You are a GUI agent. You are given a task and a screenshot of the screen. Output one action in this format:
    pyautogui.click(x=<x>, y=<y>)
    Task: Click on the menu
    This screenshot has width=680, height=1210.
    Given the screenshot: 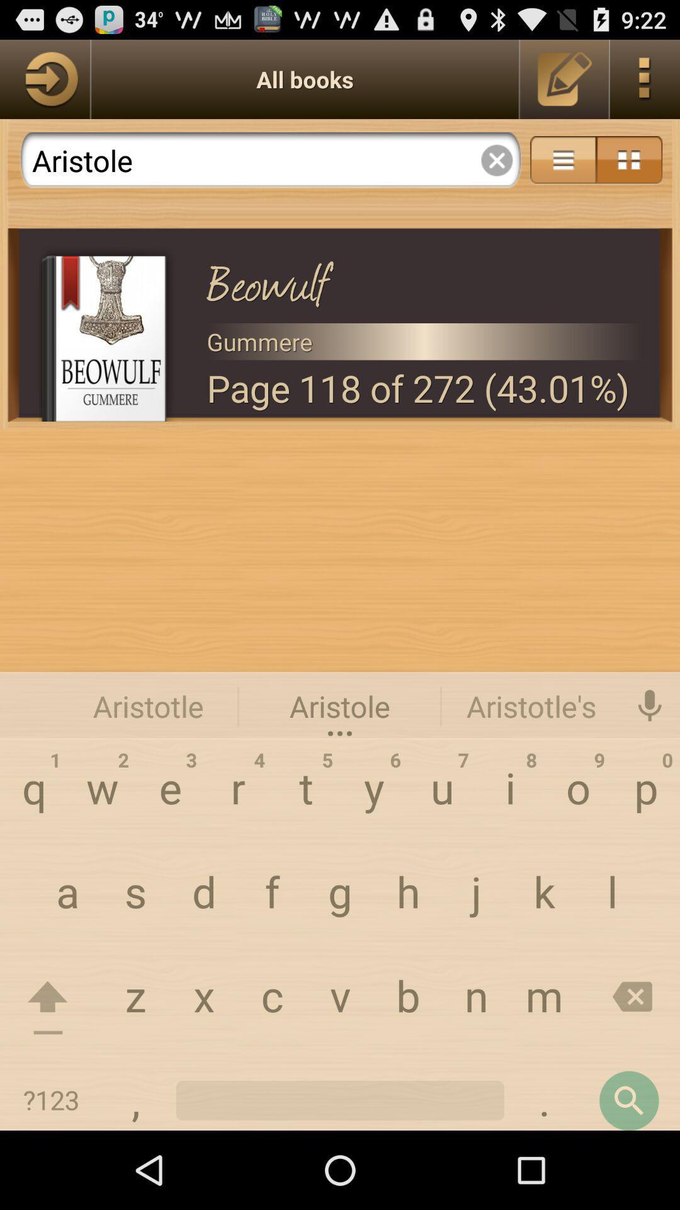 What is the action you would take?
    pyautogui.click(x=629, y=159)
    